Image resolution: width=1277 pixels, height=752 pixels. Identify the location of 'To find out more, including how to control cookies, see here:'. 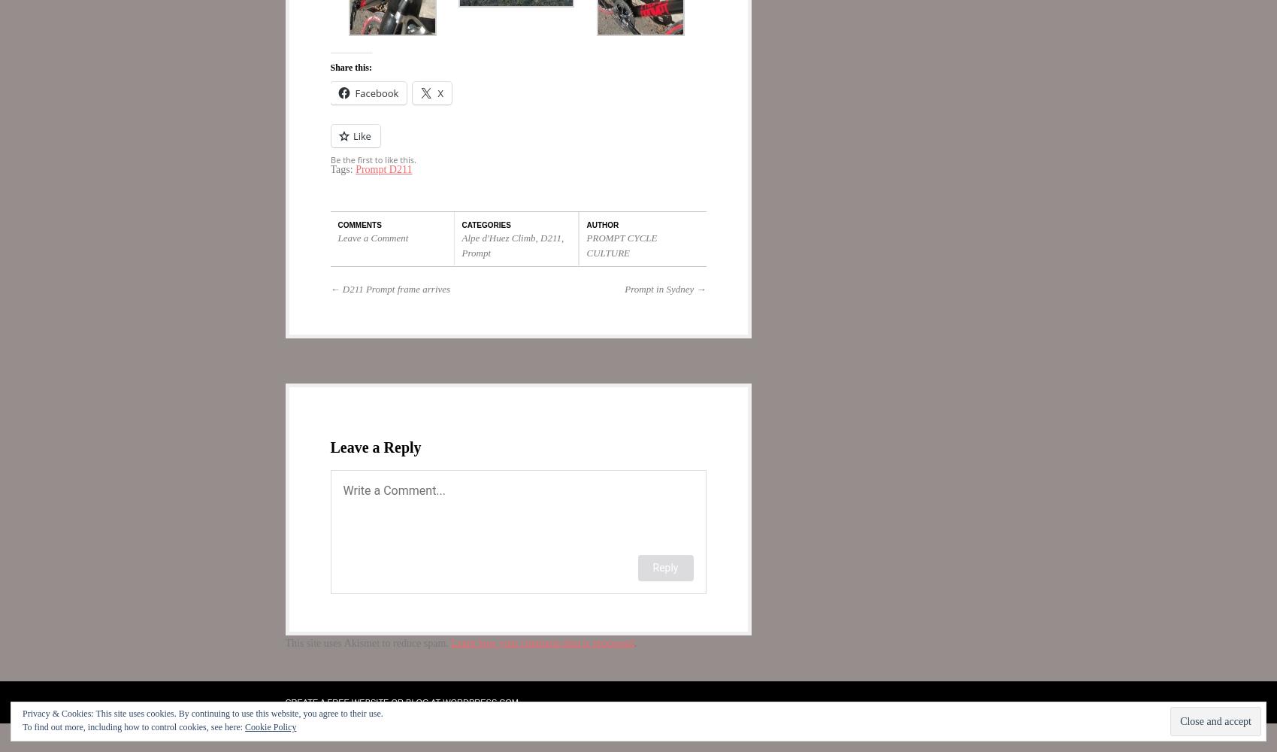
(133, 726).